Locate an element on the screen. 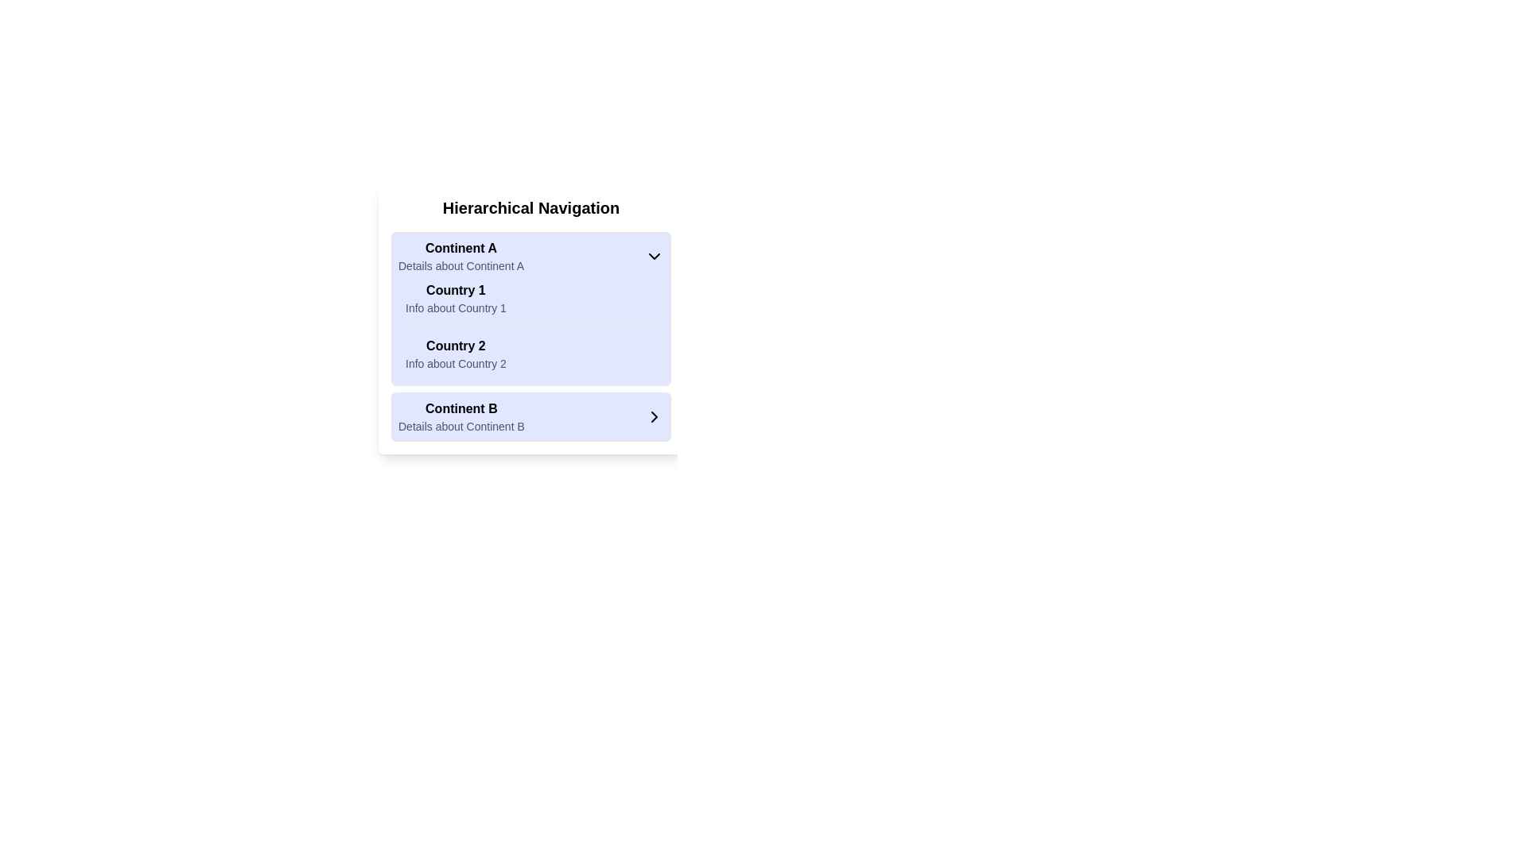 The image size is (1527, 858). the 'Country 1' text label, which is styled in bold black font on a light blue background within the hierarchical navigation panel under 'Continent A' is located at coordinates (455, 290).